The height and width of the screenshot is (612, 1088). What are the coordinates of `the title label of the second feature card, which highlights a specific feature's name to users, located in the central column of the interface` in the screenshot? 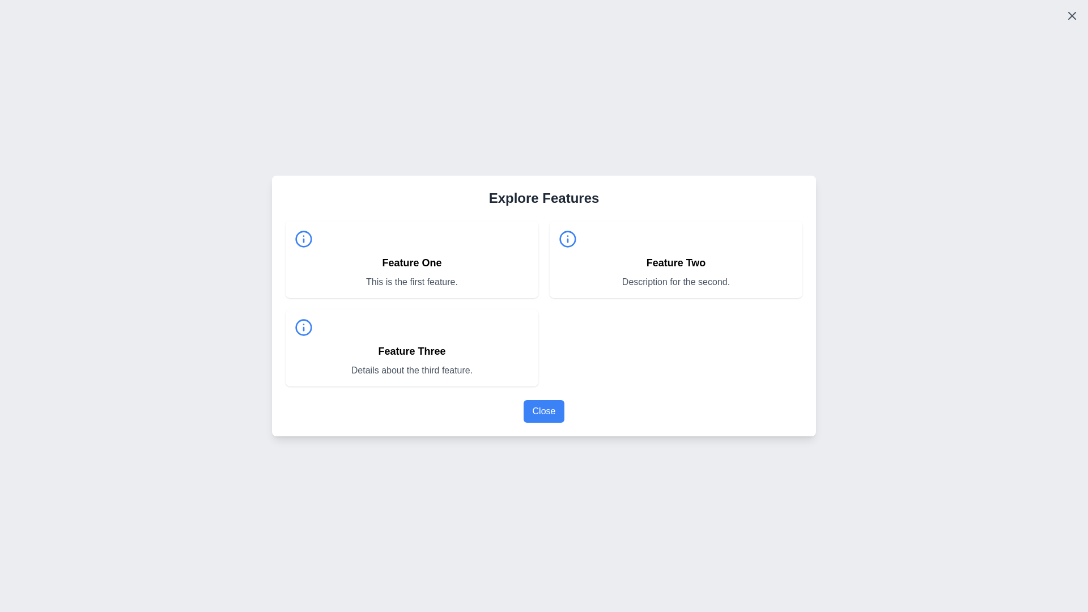 It's located at (676, 262).